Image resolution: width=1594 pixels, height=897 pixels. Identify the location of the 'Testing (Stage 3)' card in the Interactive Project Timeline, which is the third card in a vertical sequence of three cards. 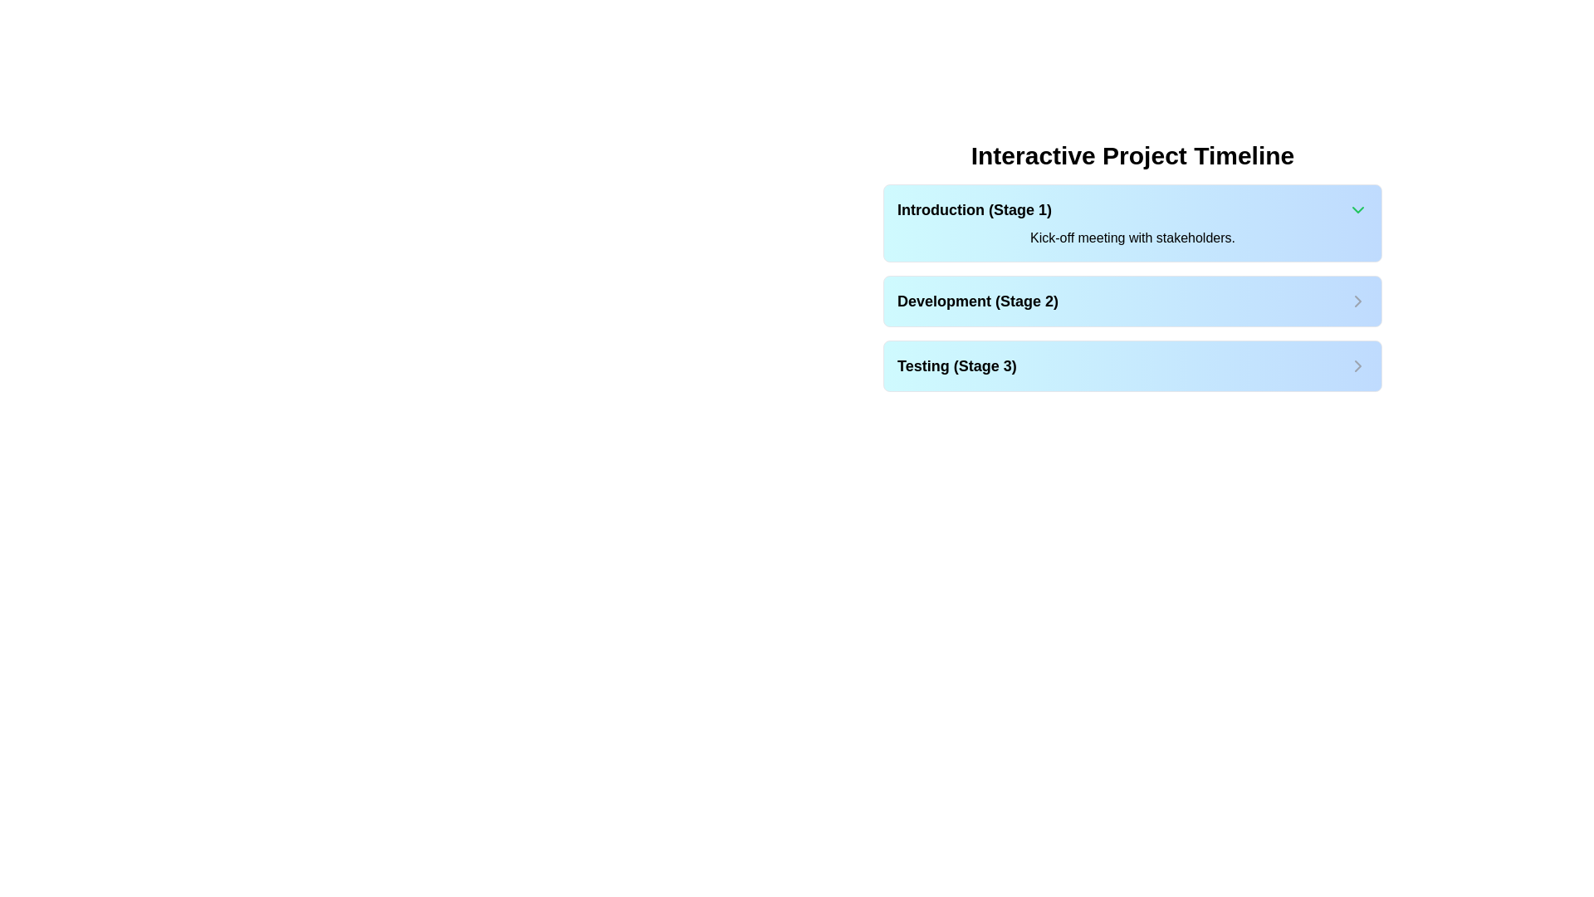
(1132, 365).